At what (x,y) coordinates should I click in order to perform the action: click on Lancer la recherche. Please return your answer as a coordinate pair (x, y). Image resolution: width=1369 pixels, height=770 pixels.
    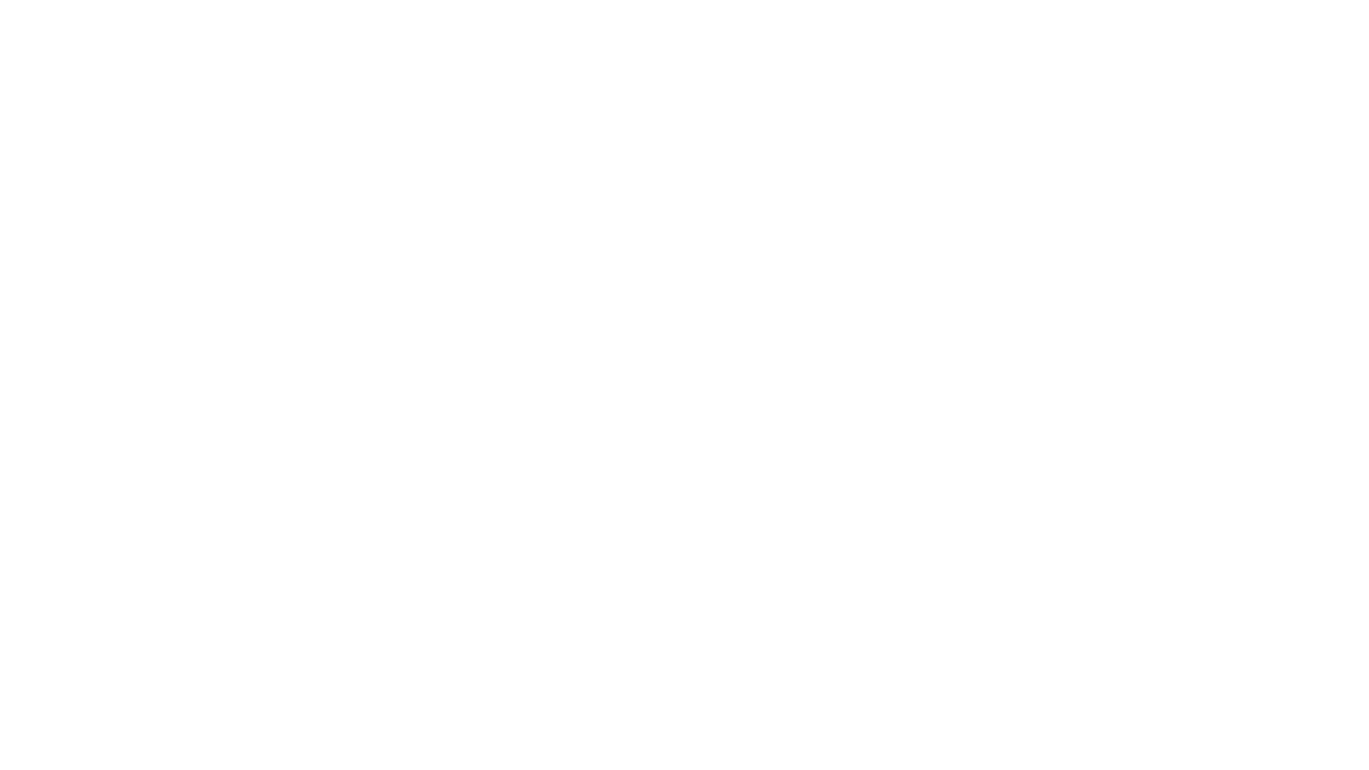
    Looking at the image, I should click on (769, 52).